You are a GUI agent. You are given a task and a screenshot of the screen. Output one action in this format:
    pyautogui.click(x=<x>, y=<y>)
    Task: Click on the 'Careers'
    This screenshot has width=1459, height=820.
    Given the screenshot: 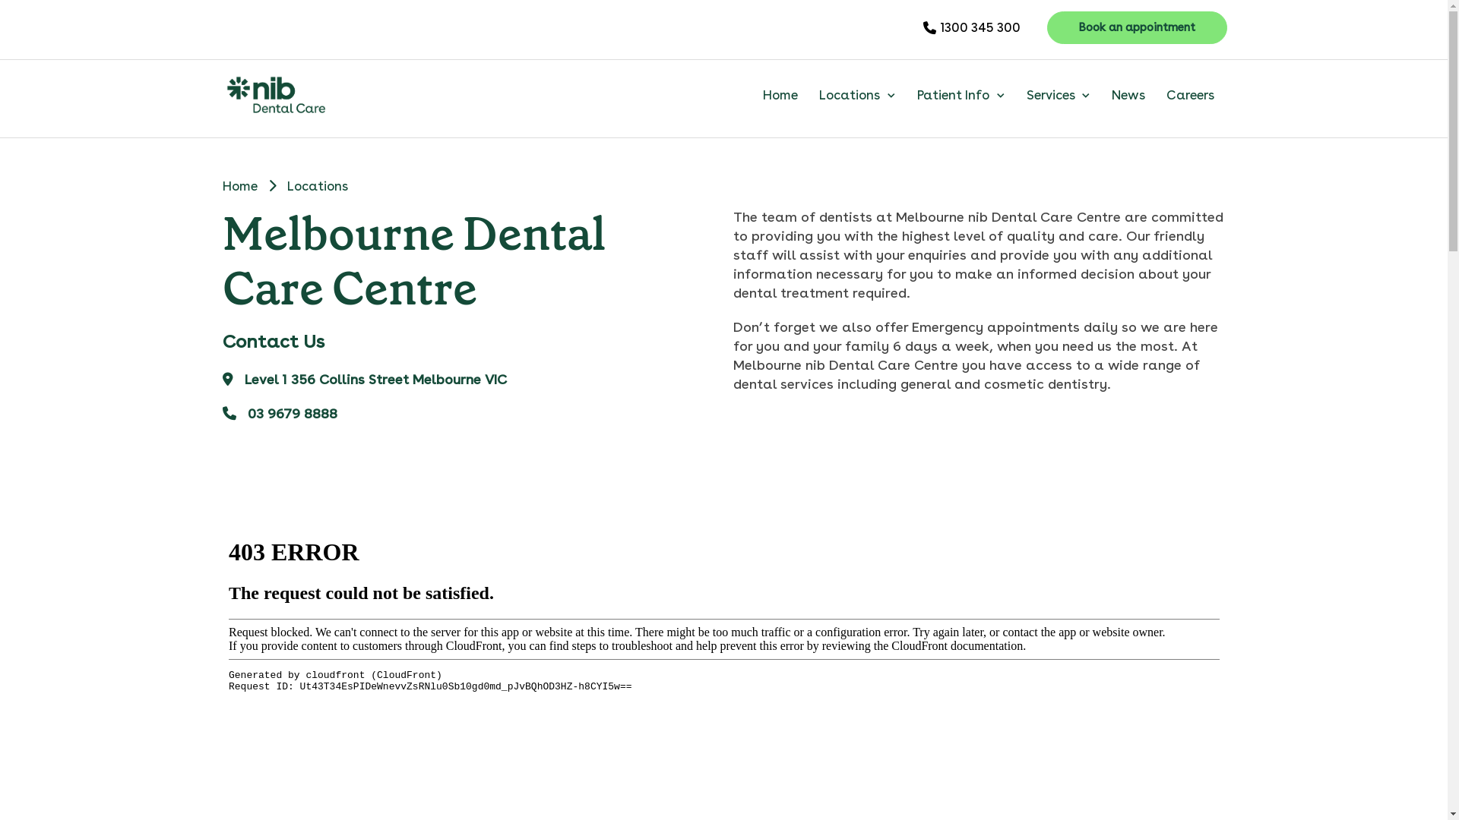 What is the action you would take?
    pyautogui.click(x=1189, y=94)
    